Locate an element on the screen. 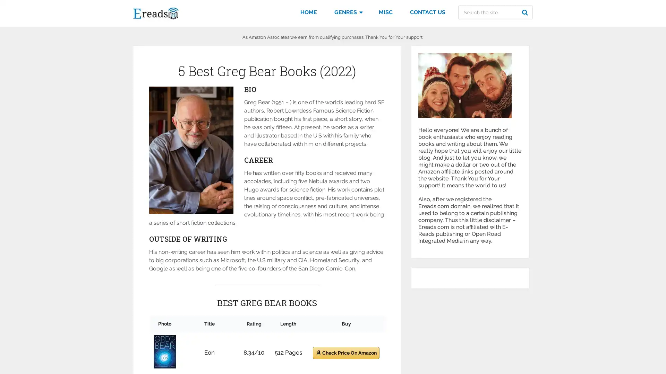 This screenshot has width=666, height=374. Search is located at coordinates (526, 12).